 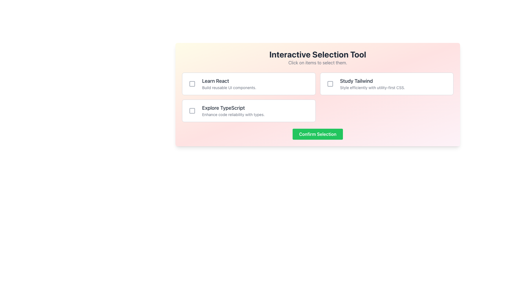 What do you see at coordinates (192, 84) in the screenshot?
I see `the checkbox styled with a border and light-gray fill, located on the left side of the 'Learn React' section` at bounding box center [192, 84].